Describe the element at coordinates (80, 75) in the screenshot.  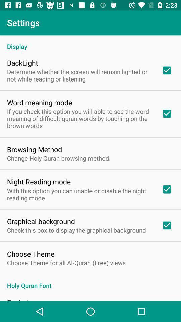
I see `icon below backlight item` at that location.